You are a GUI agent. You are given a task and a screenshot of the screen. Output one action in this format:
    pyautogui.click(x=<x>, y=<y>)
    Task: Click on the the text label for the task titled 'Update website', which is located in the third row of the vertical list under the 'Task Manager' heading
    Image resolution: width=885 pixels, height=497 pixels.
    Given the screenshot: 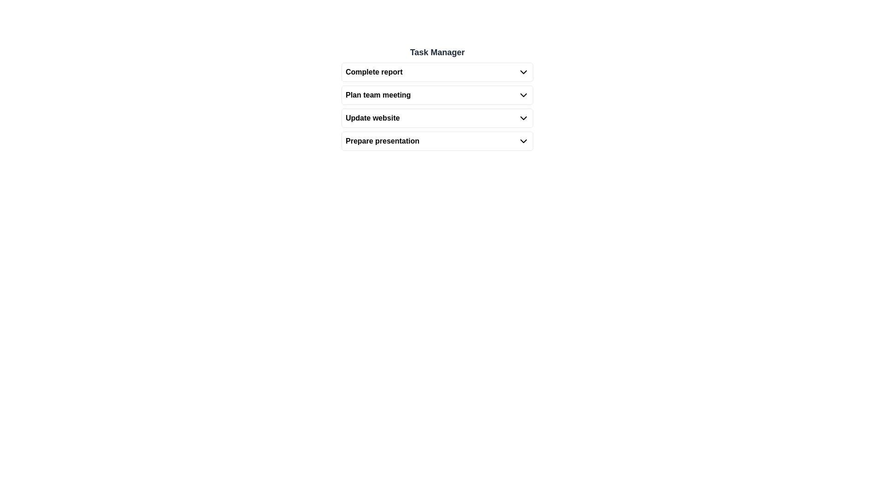 What is the action you would take?
    pyautogui.click(x=372, y=118)
    